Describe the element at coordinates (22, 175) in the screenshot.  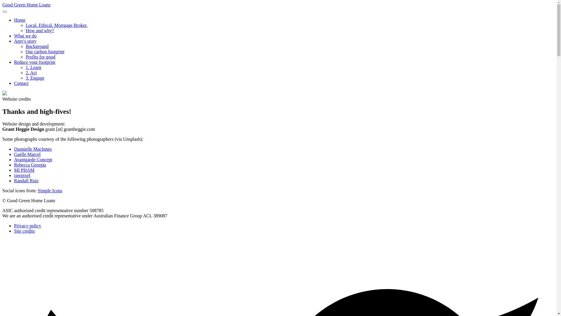
I see `'rawpixel'` at that location.